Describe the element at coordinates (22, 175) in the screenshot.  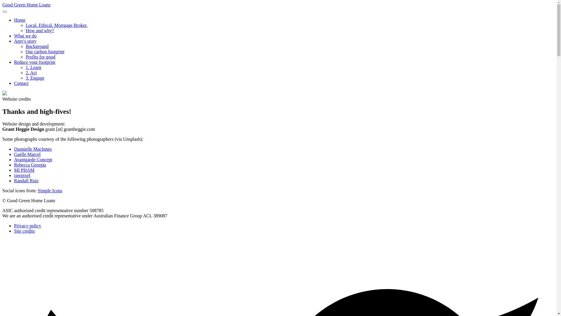
I see `'rawpixel'` at that location.